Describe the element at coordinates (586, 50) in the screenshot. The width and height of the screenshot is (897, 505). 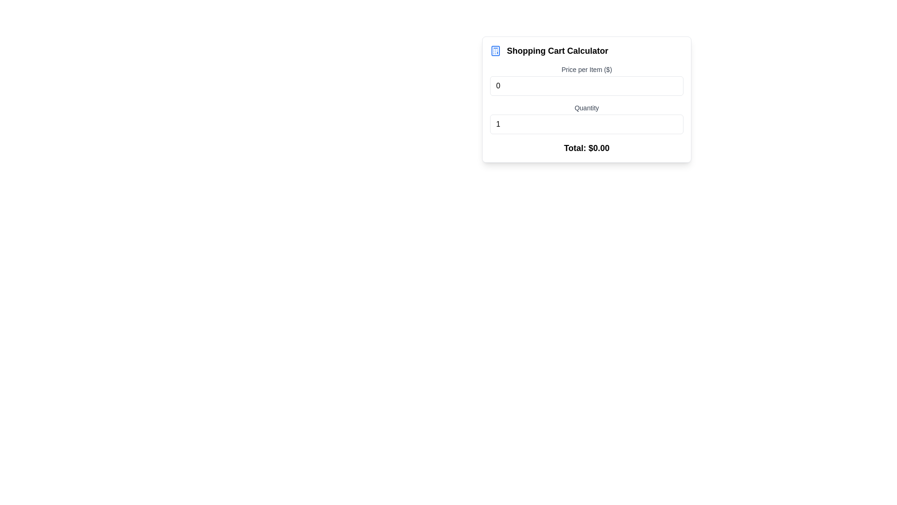
I see `the Heading element at the top of the card that serves as a title, which includes an accompanying icon` at that location.